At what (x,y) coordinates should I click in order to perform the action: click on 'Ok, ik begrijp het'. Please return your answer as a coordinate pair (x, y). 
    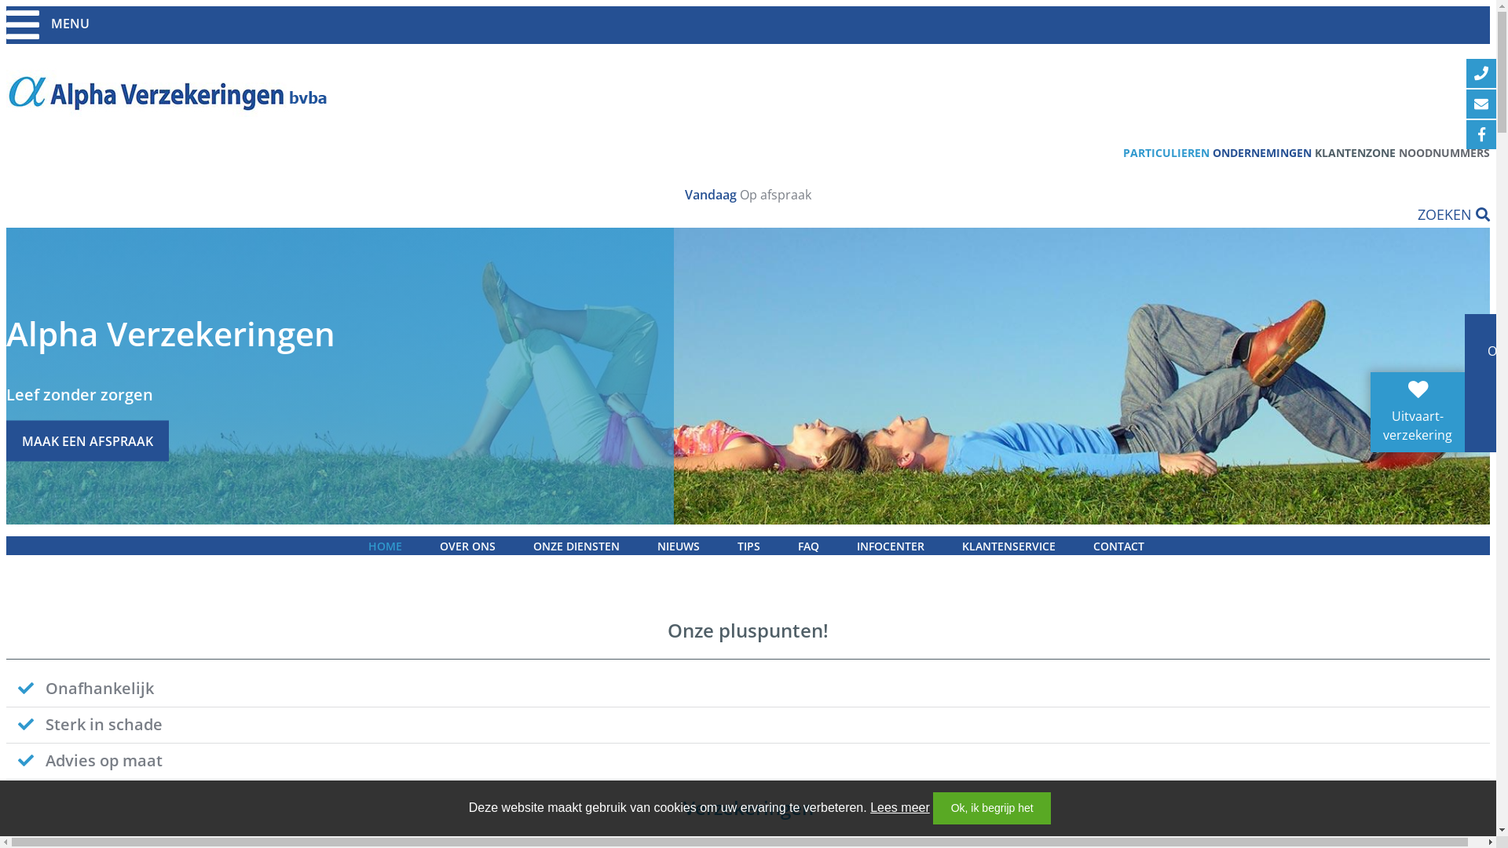
    Looking at the image, I should click on (990, 808).